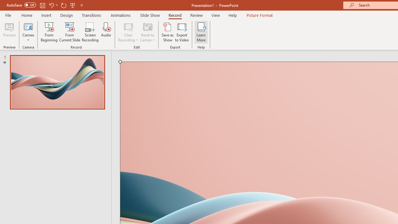 The image size is (398, 224). Describe the element at coordinates (49, 32) in the screenshot. I see `'From Beginning...'` at that location.